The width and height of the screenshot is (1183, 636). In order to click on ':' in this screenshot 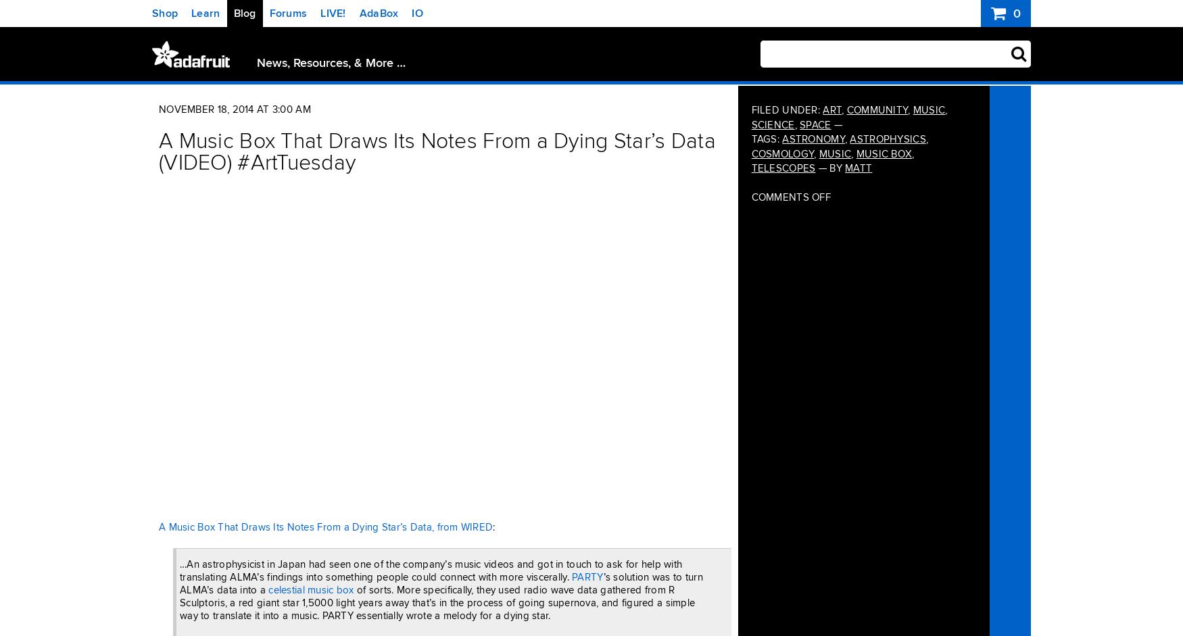, I will do `click(493, 526)`.